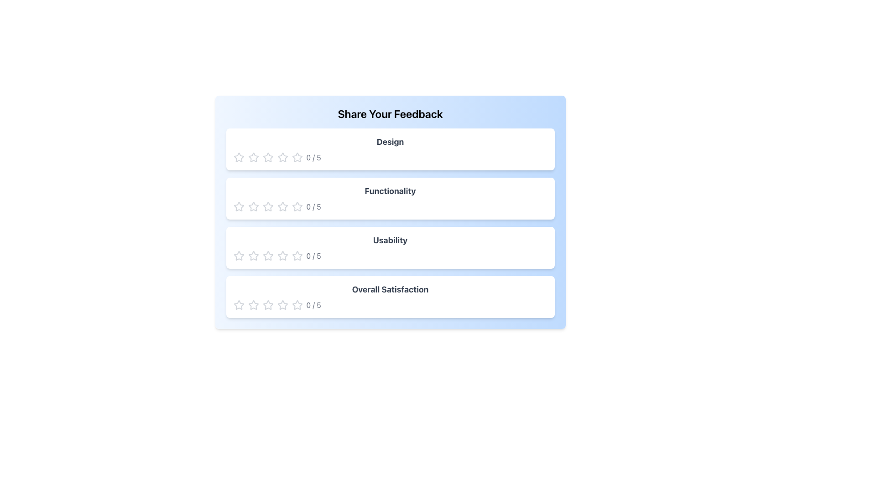 This screenshot has height=492, width=876. Describe the element at coordinates (253, 157) in the screenshot. I see `the second star icon in the rating system for the 'Design' criterion located in the feedback interface` at that location.